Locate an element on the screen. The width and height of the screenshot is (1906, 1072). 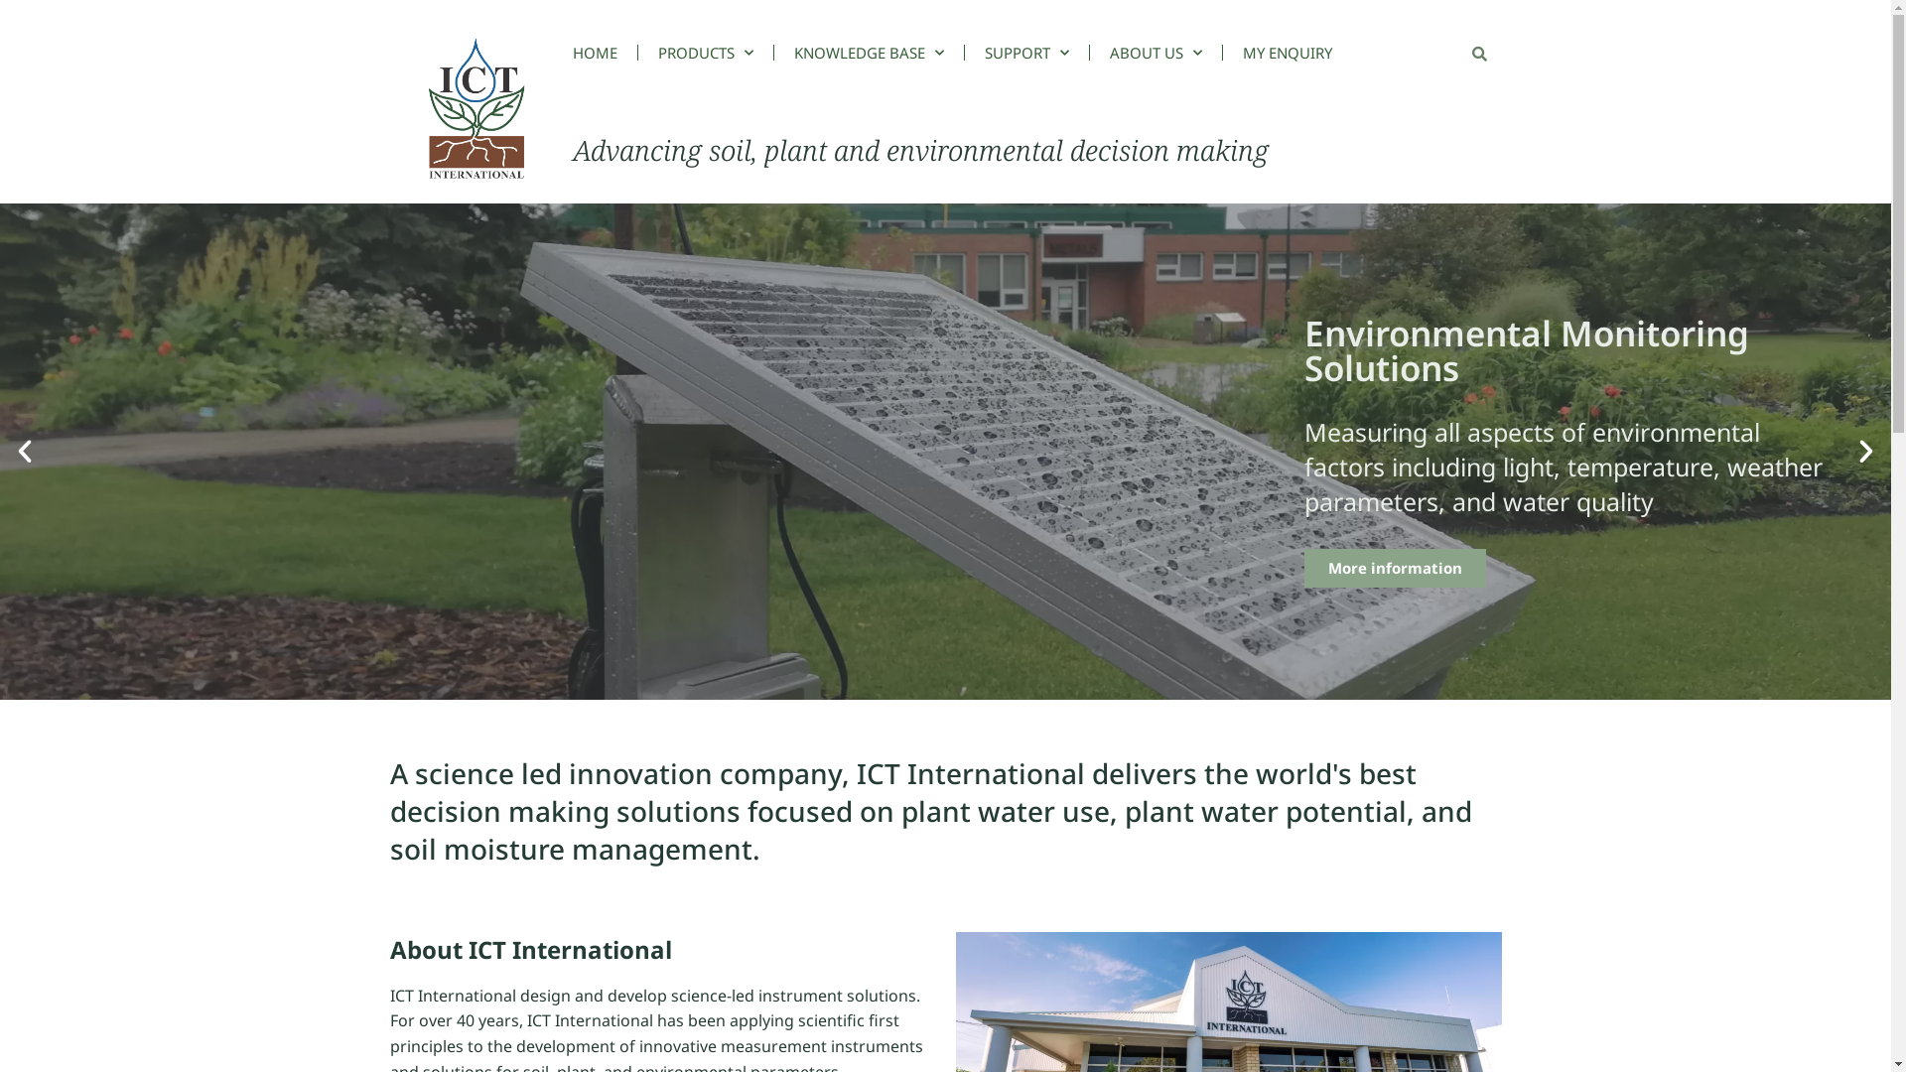
'HOME' is located at coordinates (604, 52).